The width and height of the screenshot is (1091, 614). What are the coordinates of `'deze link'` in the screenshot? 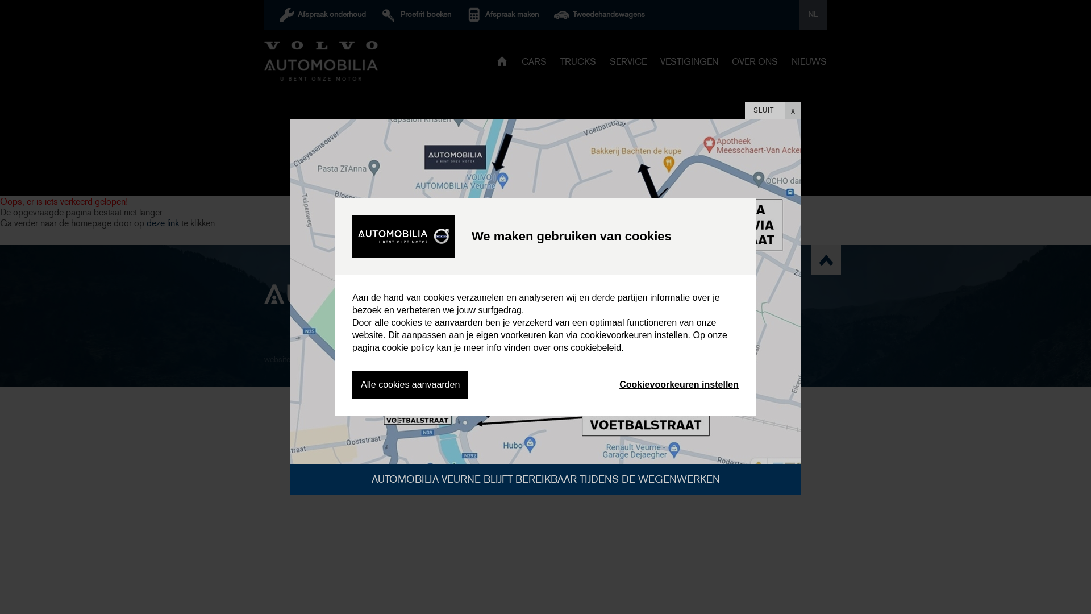 It's located at (162, 223).